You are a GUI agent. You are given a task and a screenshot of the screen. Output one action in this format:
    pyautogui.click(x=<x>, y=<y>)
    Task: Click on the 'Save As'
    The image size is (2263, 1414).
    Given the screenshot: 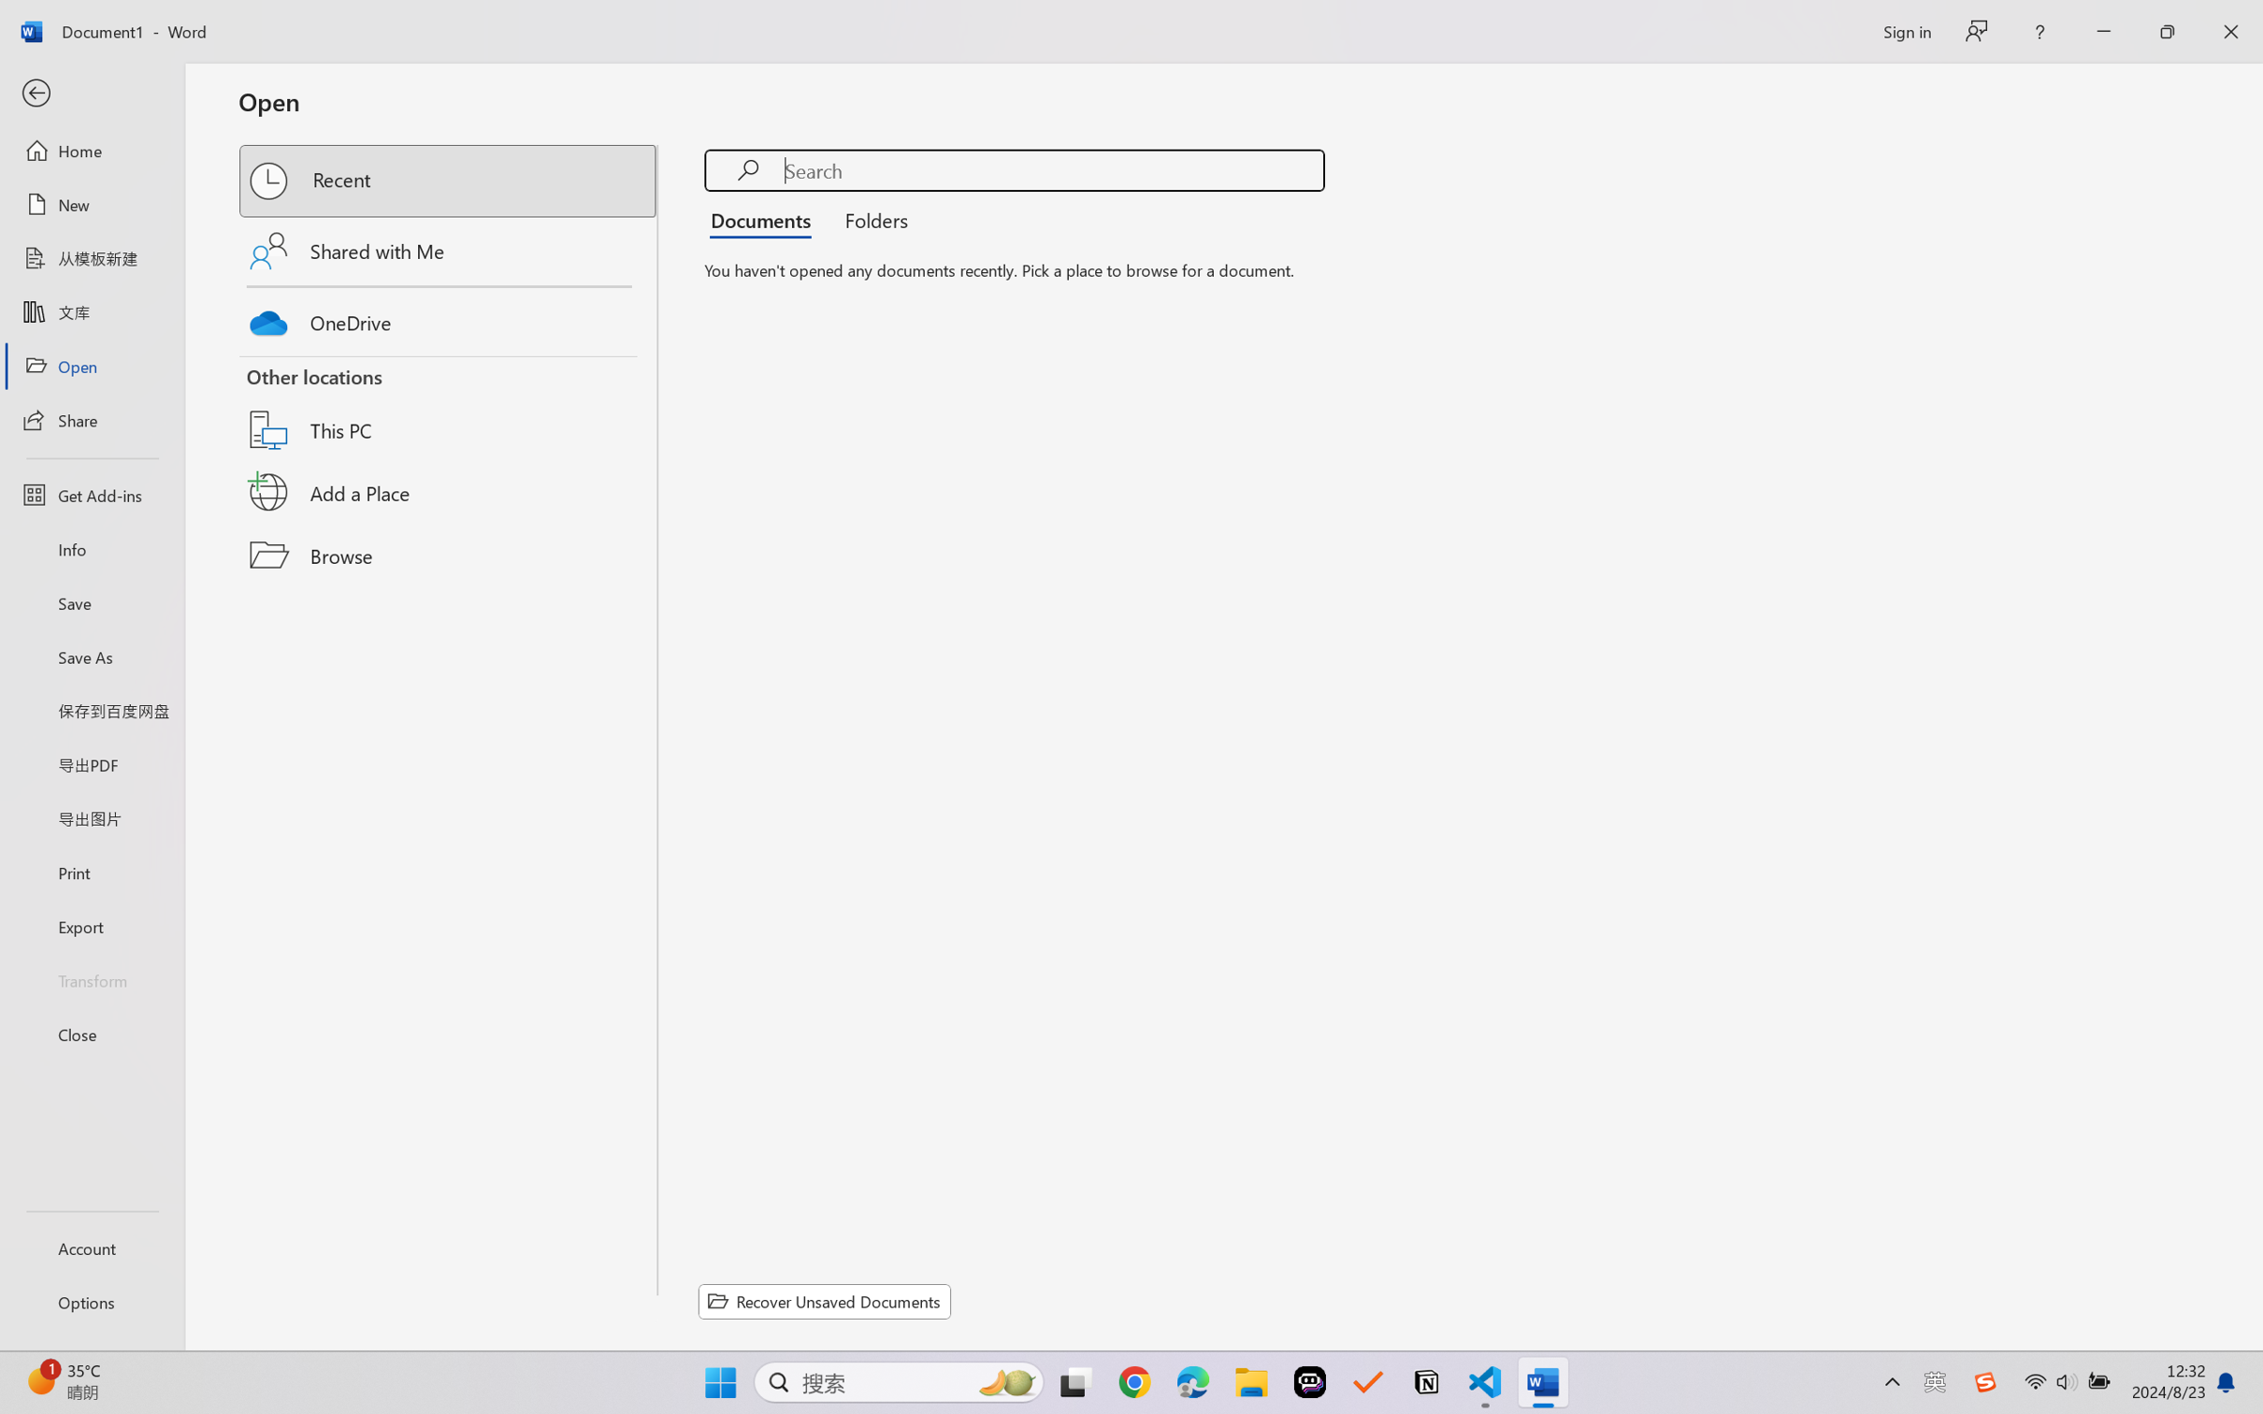 What is the action you would take?
    pyautogui.click(x=91, y=656)
    